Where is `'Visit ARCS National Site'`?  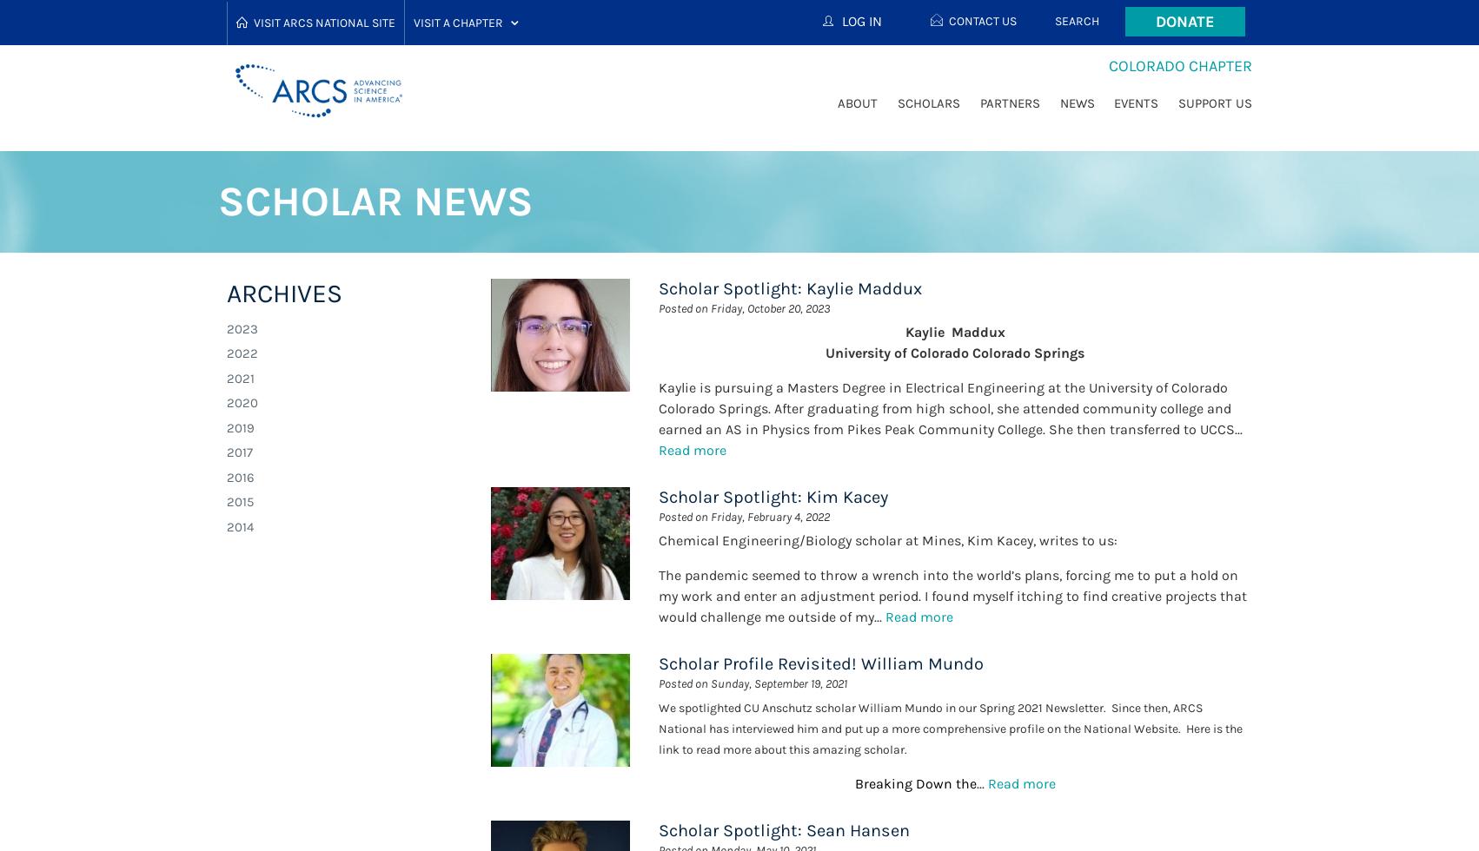
'Visit ARCS National Site' is located at coordinates (324, 23).